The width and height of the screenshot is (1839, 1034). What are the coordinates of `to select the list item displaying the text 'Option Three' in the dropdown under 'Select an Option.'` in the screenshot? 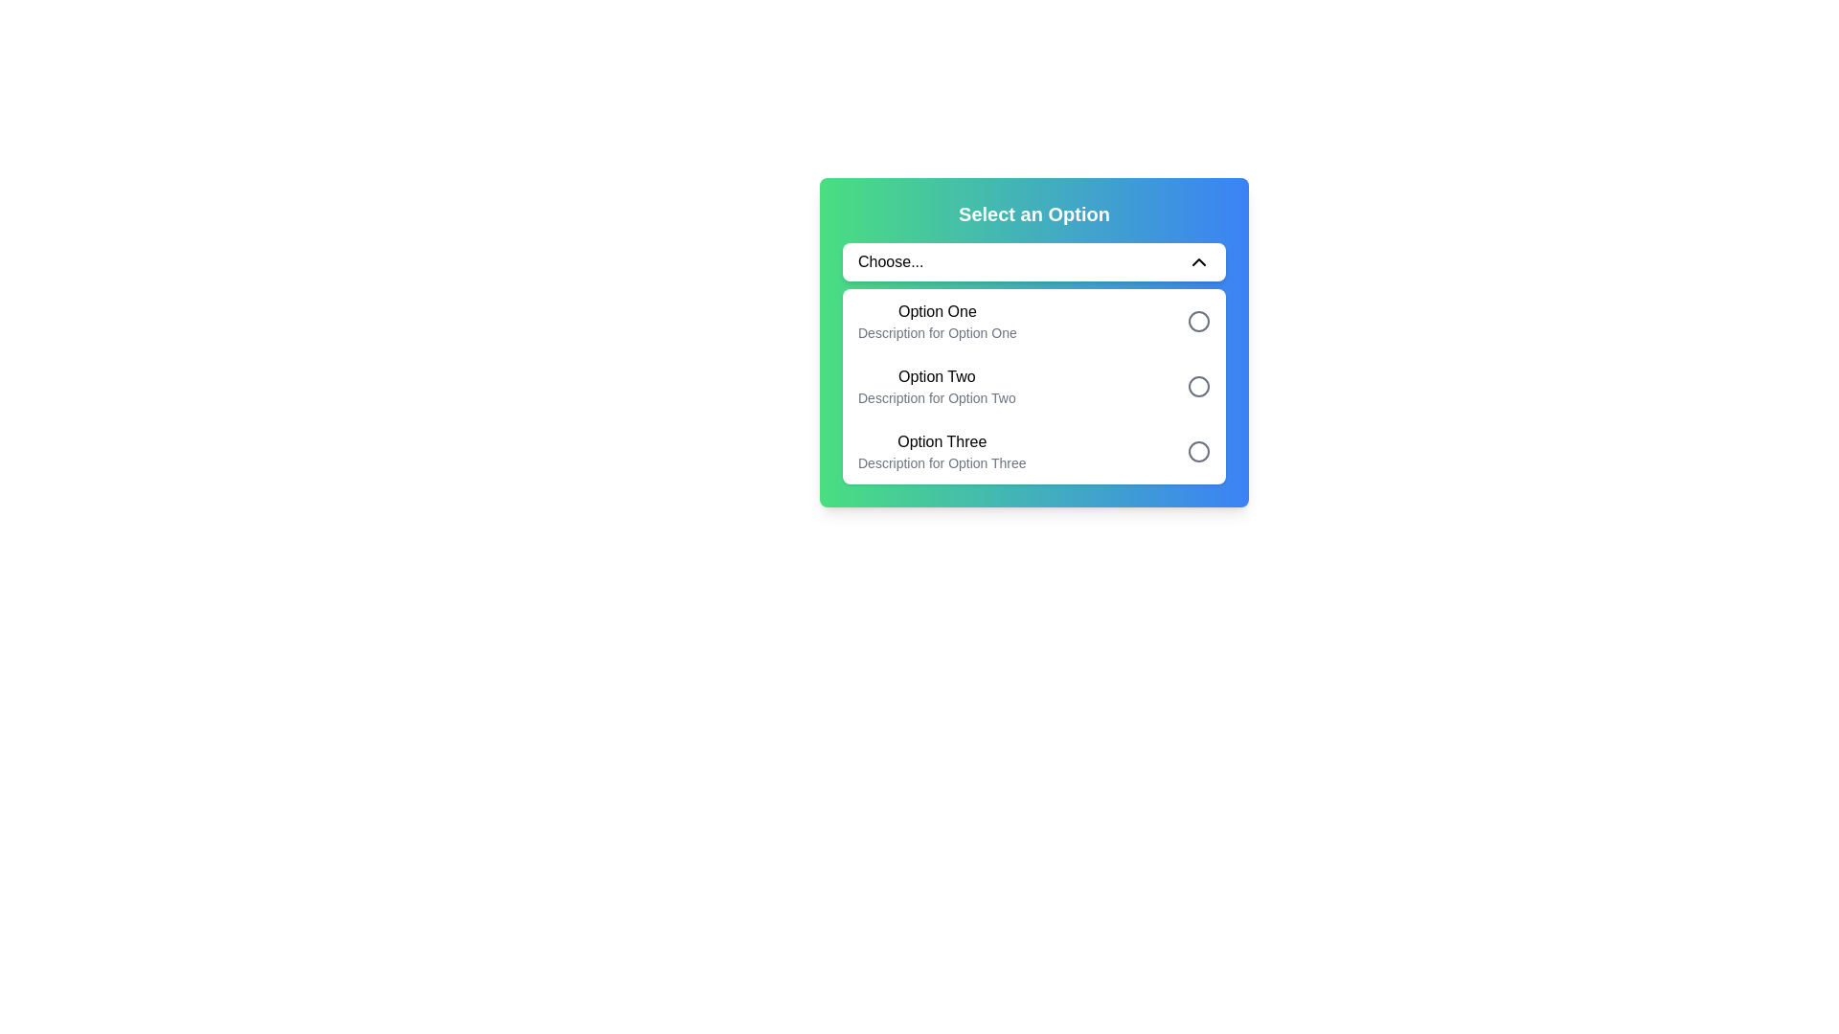 It's located at (942, 442).